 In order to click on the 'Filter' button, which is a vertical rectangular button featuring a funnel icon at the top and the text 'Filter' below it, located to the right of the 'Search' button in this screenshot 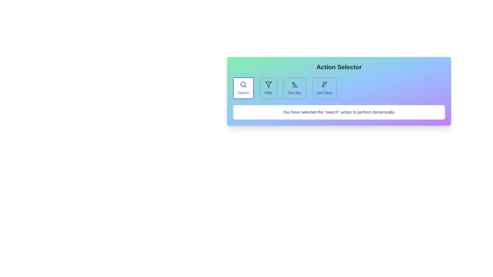, I will do `click(268, 88)`.